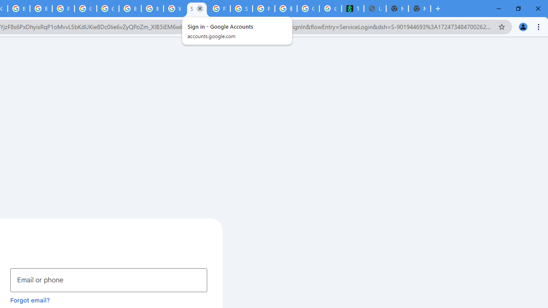  Describe the element at coordinates (30, 299) in the screenshot. I see `'Forgot email?'` at that location.